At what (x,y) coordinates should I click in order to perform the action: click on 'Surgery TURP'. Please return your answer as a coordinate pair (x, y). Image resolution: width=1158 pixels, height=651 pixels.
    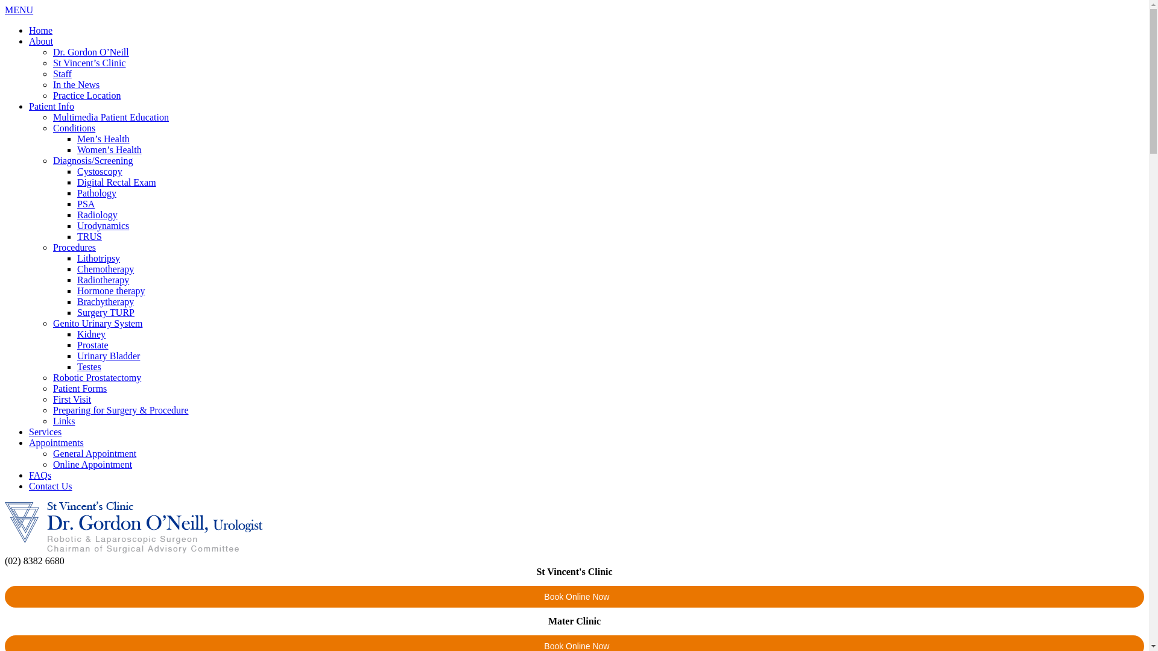
    Looking at the image, I should click on (106, 312).